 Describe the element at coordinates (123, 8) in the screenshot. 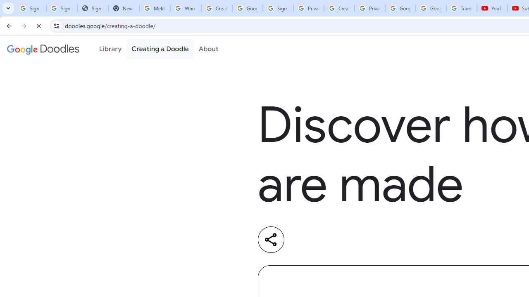

I see `'New Tab'` at that location.